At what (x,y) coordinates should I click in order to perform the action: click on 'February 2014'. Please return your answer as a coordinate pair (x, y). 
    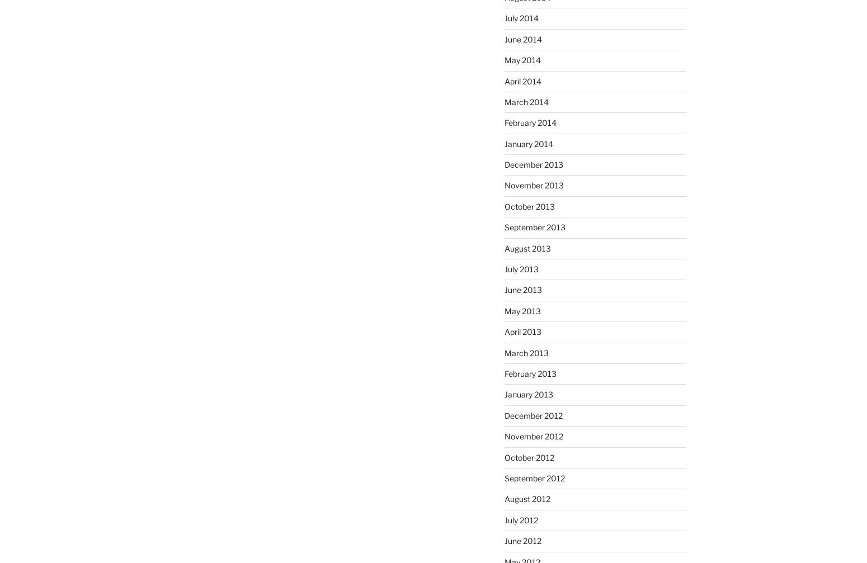
    Looking at the image, I should click on (529, 122).